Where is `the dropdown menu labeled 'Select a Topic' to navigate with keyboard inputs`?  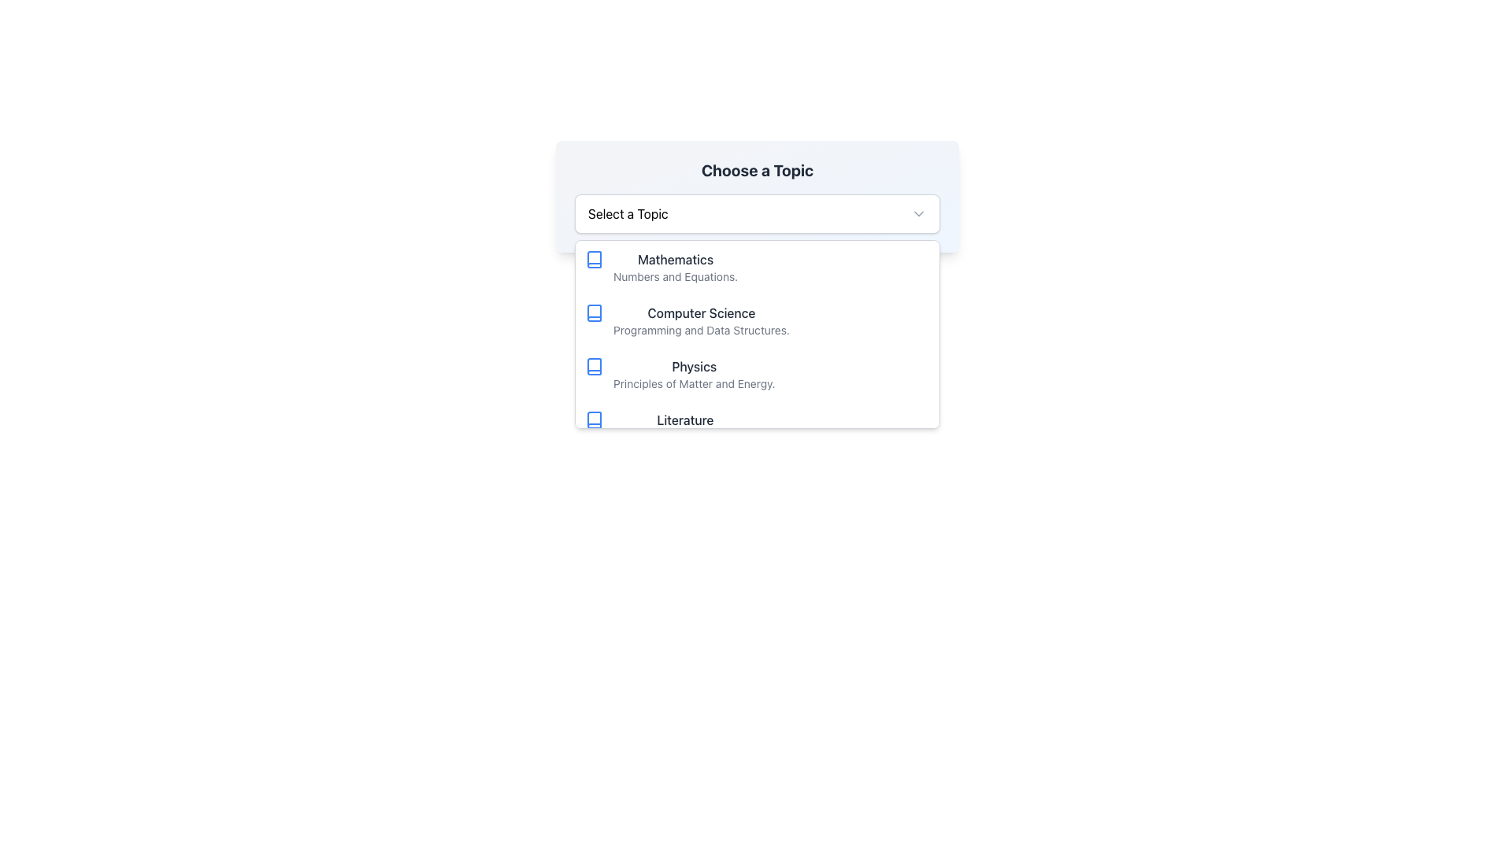
the dropdown menu labeled 'Select a Topic' to navigate with keyboard inputs is located at coordinates (757, 214).